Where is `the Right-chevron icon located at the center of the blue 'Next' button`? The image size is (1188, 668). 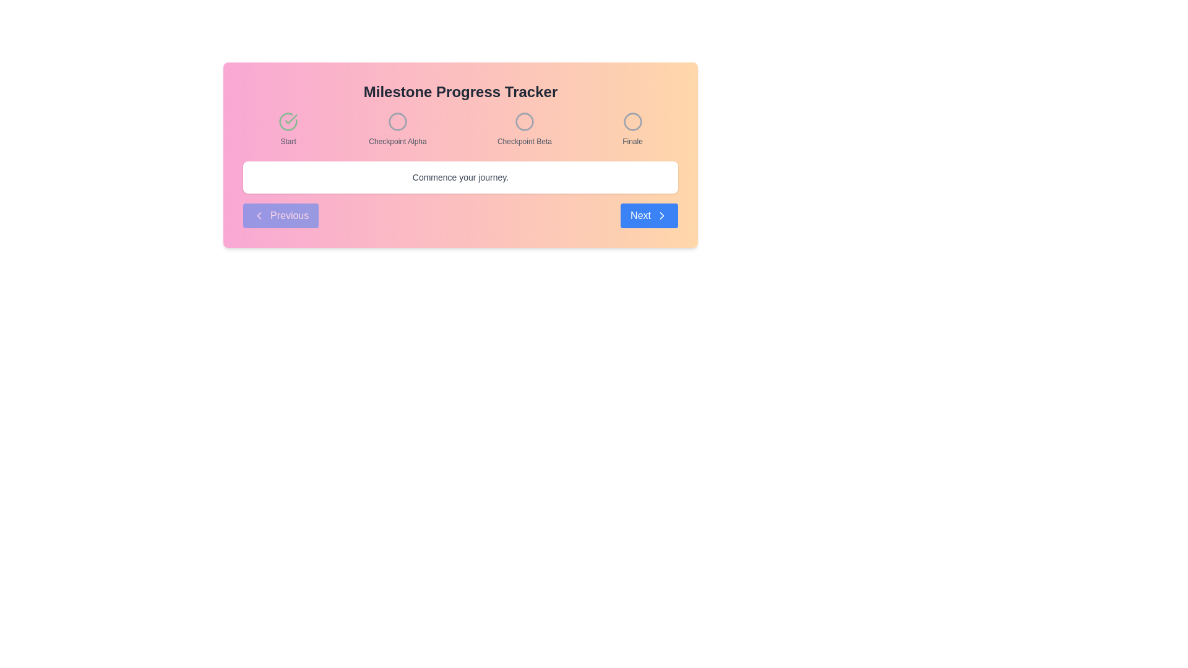
the Right-chevron icon located at the center of the blue 'Next' button is located at coordinates (661, 215).